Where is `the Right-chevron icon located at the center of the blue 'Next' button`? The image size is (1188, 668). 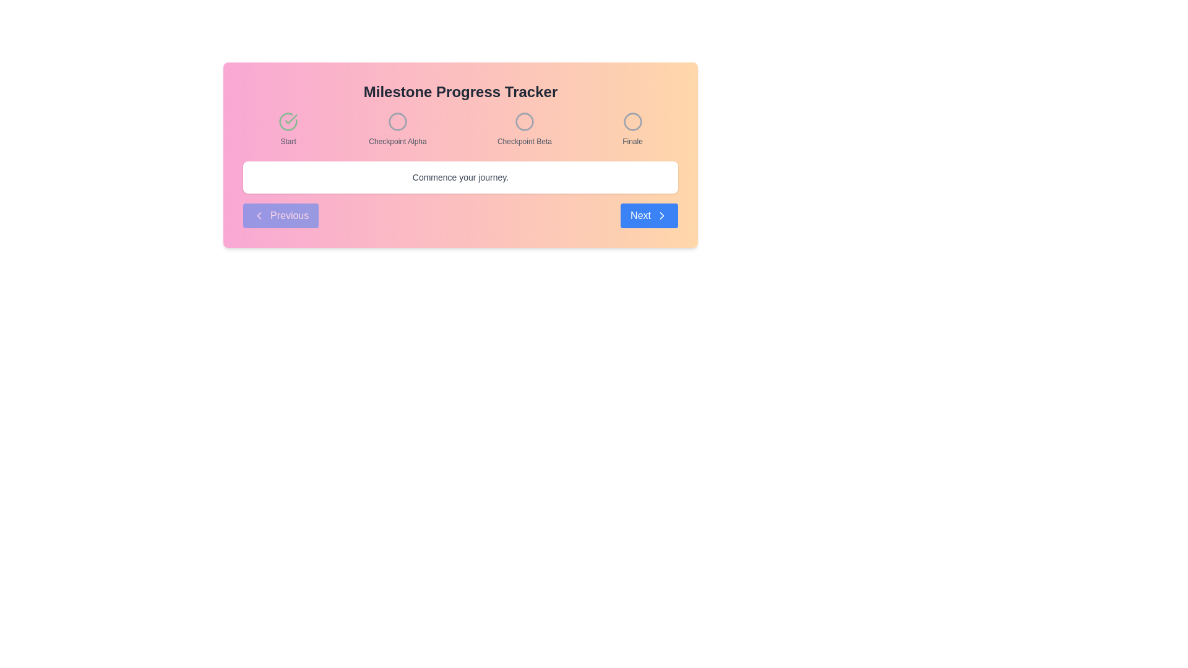
the Right-chevron icon located at the center of the blue 'Next' button is located at coordinates (661, 215).